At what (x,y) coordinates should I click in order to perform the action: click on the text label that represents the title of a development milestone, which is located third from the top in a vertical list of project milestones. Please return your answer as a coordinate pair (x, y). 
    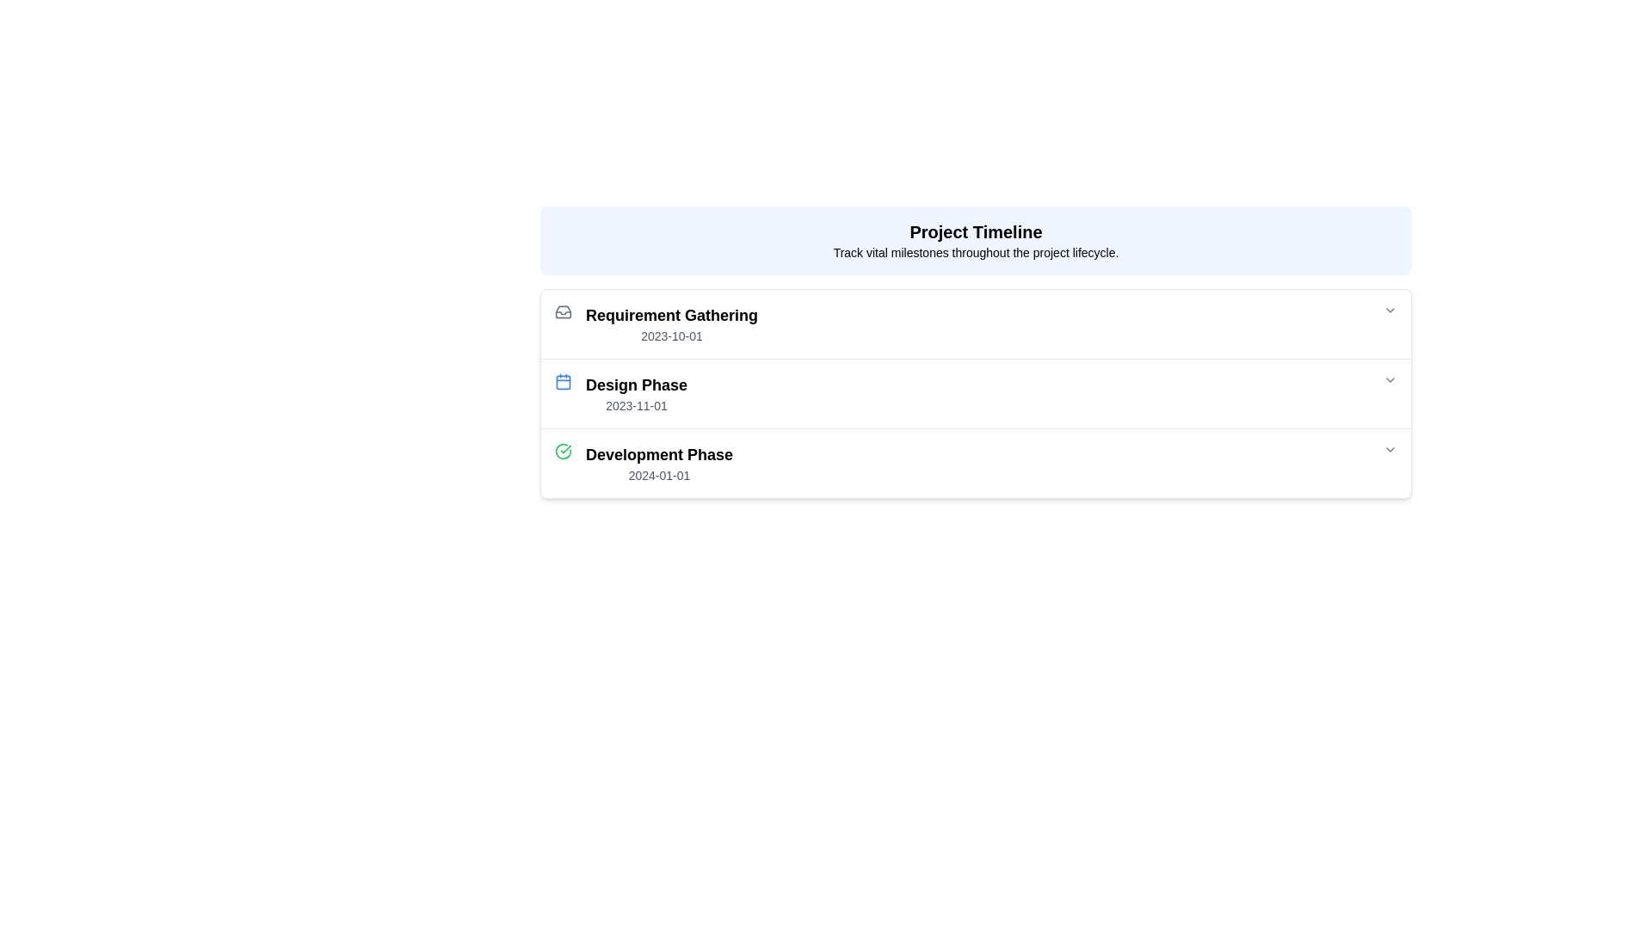
    Looking at the image, I should click on (658, 453).